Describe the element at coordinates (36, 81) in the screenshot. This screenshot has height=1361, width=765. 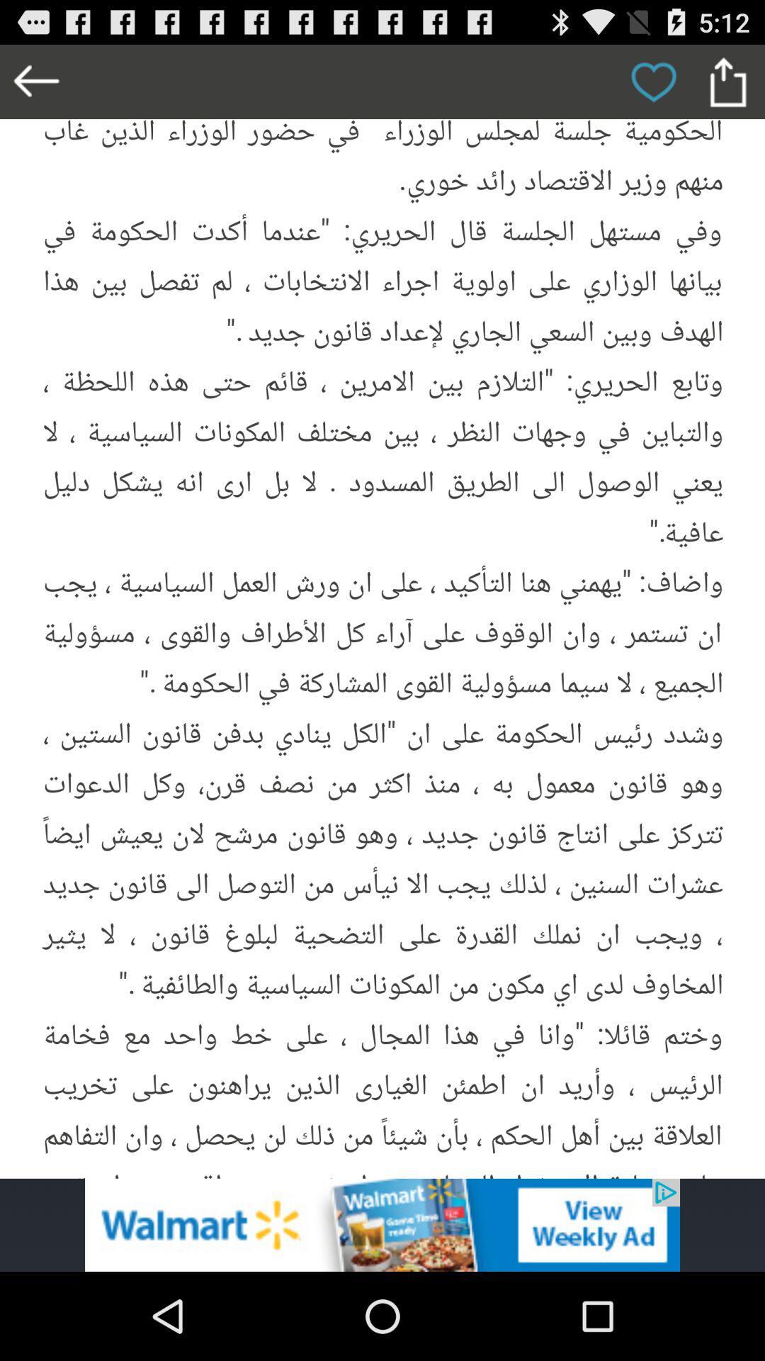
I see `go back` at that location.